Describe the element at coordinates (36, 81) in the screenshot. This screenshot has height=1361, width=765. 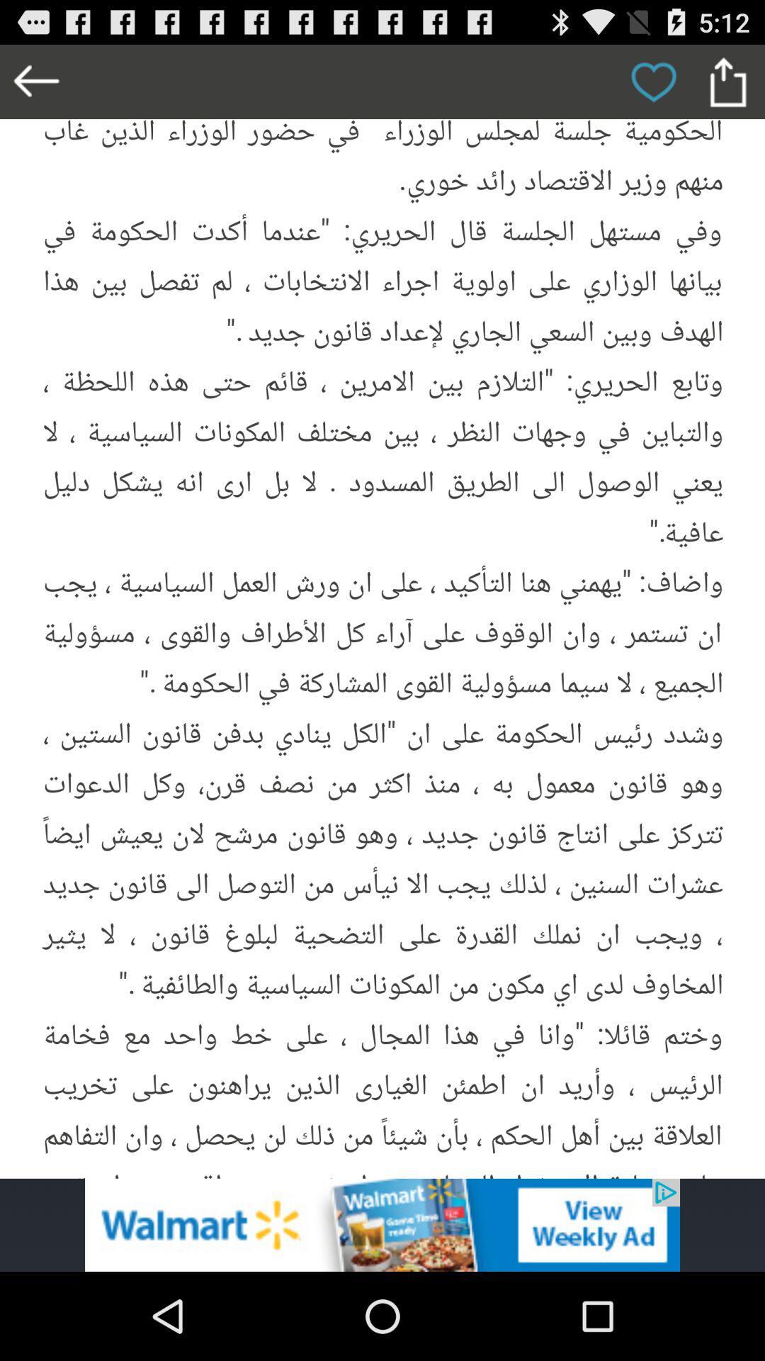
I see `go back` at that location.